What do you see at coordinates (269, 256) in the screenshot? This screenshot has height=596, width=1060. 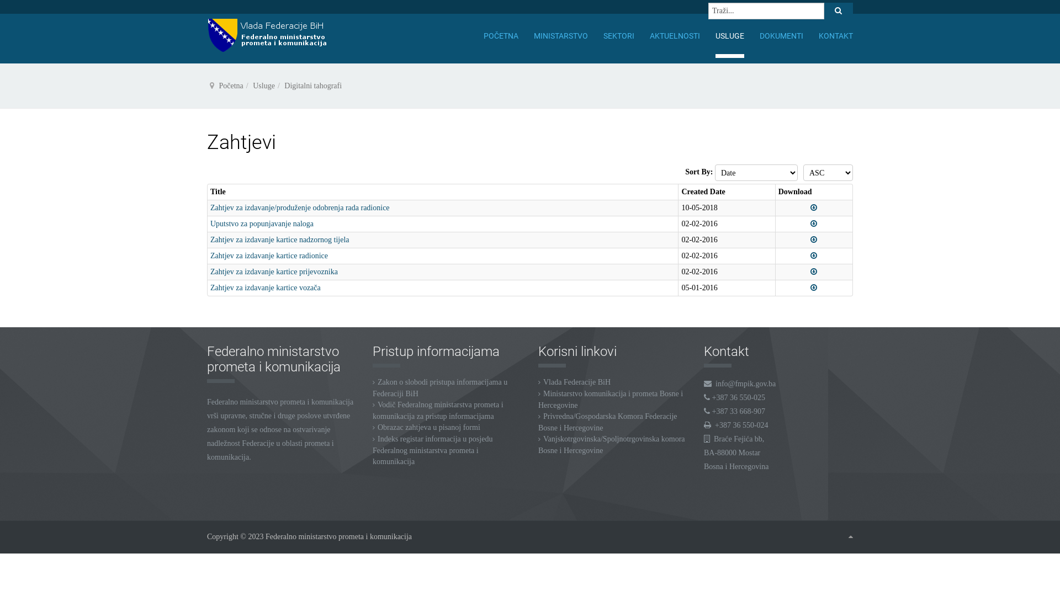 I see `'Zahtjev za izdavanje kartice radionice'` at bounding box center [269, 256].